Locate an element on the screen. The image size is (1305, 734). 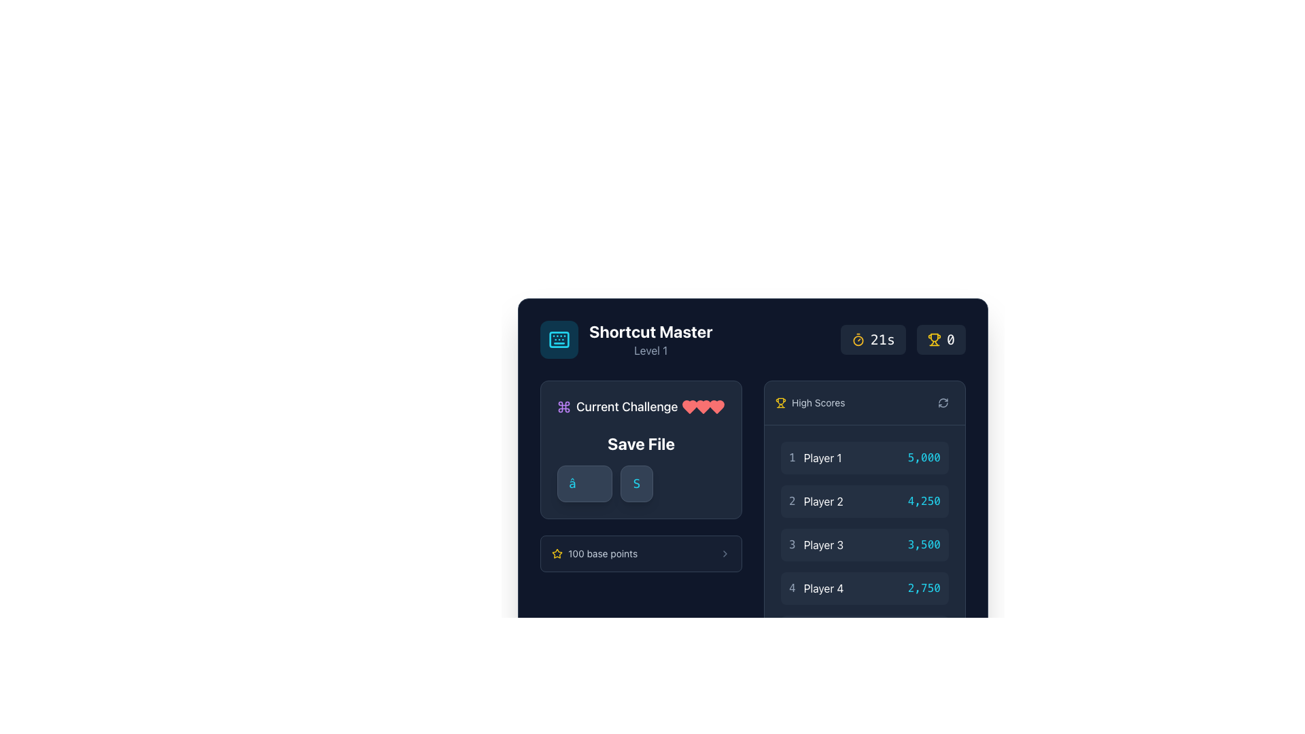
the Text display component that shows the number '2' and the text 'Player 2' in the High Scores section, which is the second entry in the list is located at coordinates (816, 501).